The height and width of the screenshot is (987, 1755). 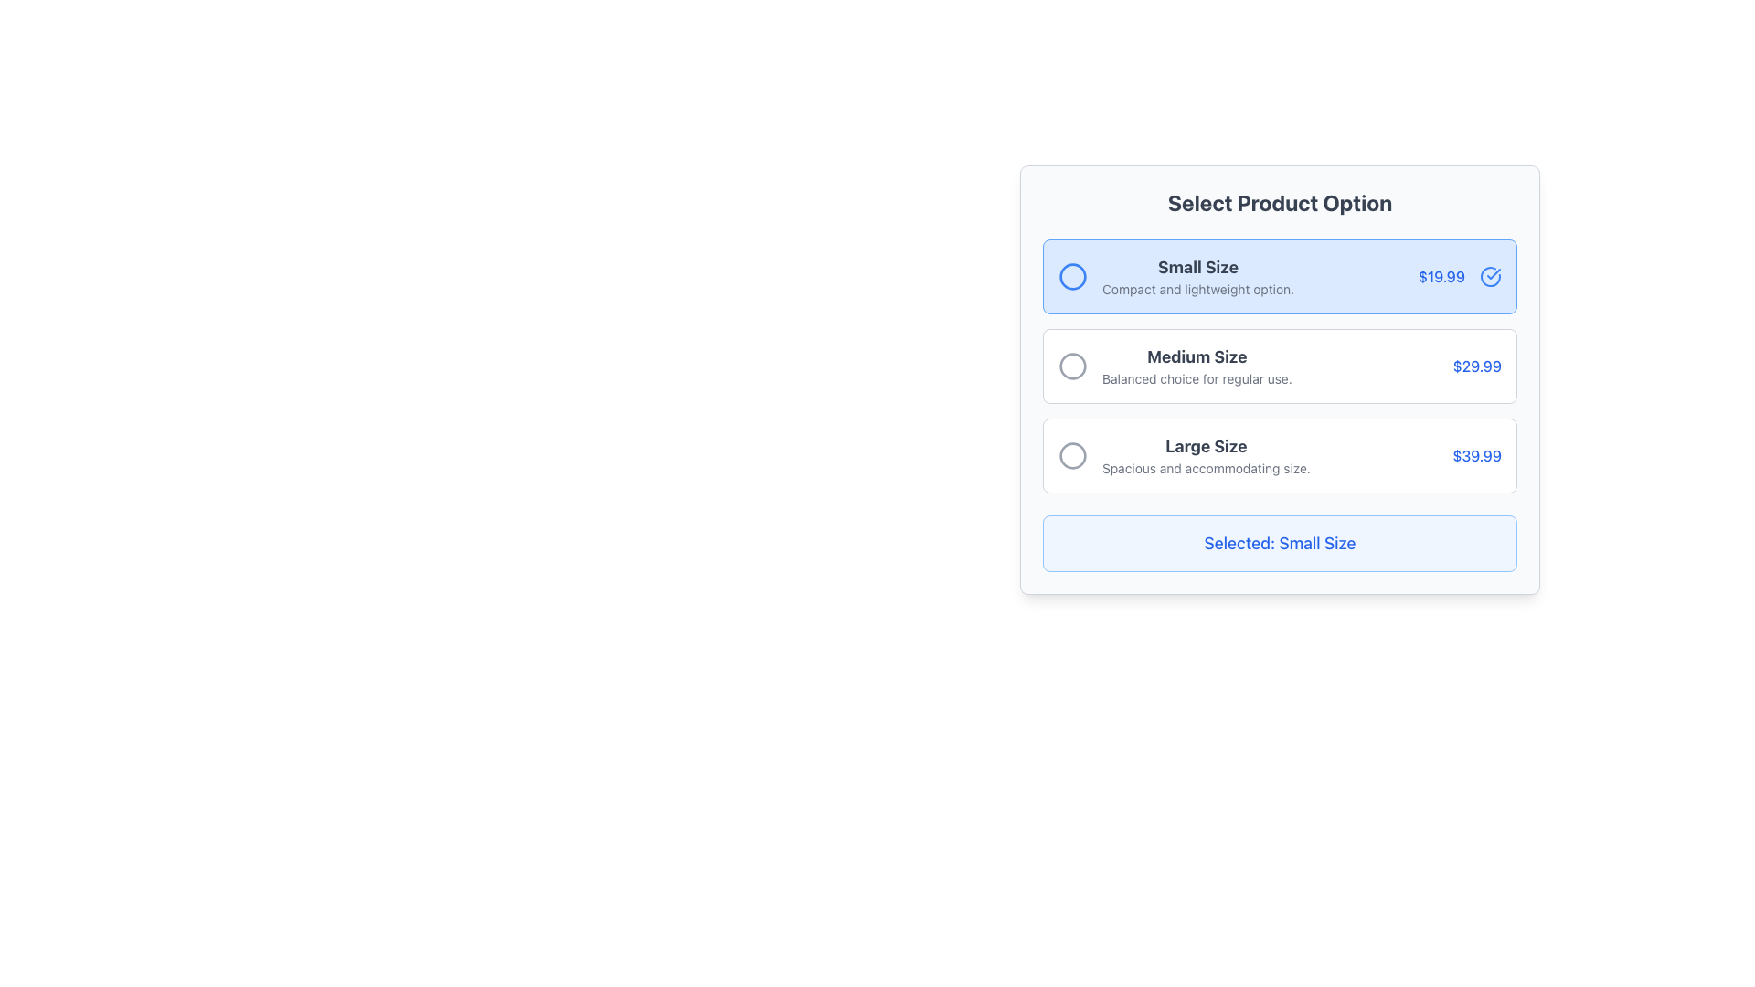 I want to click on the circular indicator icon located on the left side of the 'Large Size' option row in the product selection section, so click(x=1073, y=454).